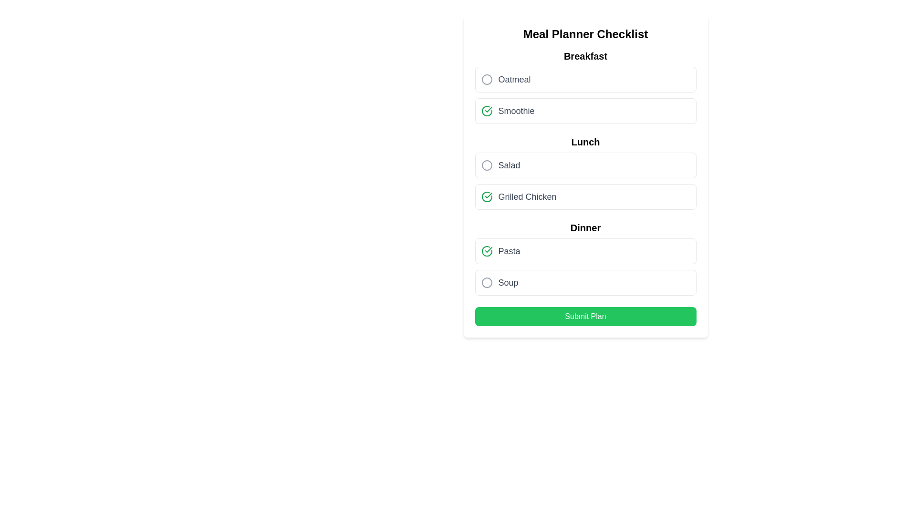 Image resolution: width=916 pixels, height=515 pixels. Describe the element at coordinates (514, 79) in the screenshot. I see `the text label for the breakfast choice in the meal planner checklist, positioned under the 'Breakfast' section, above 'Smoothie'` at that location.